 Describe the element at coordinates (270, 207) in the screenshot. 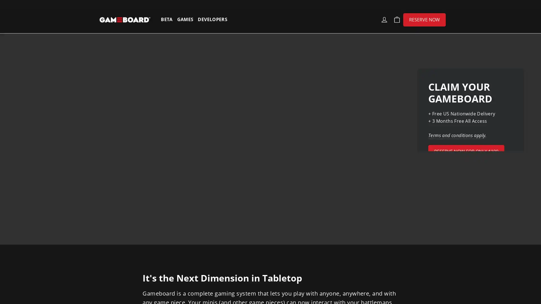

I see `SPIN TO WIN!` at that location.